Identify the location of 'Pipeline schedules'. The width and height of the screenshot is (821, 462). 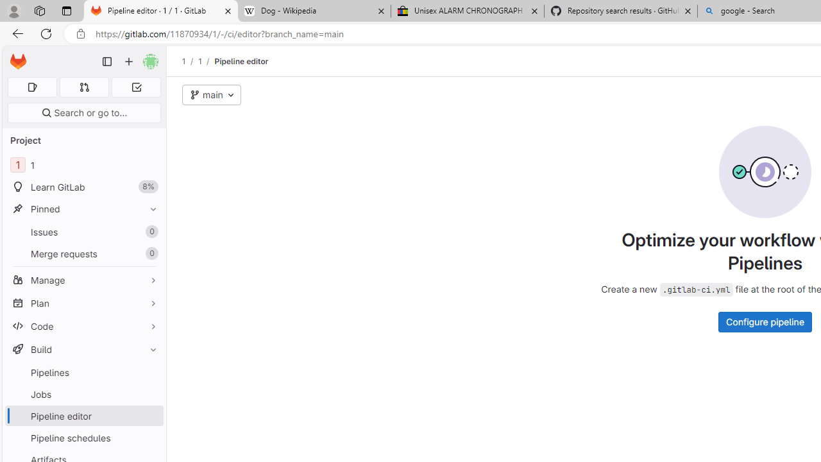
(83, 437).